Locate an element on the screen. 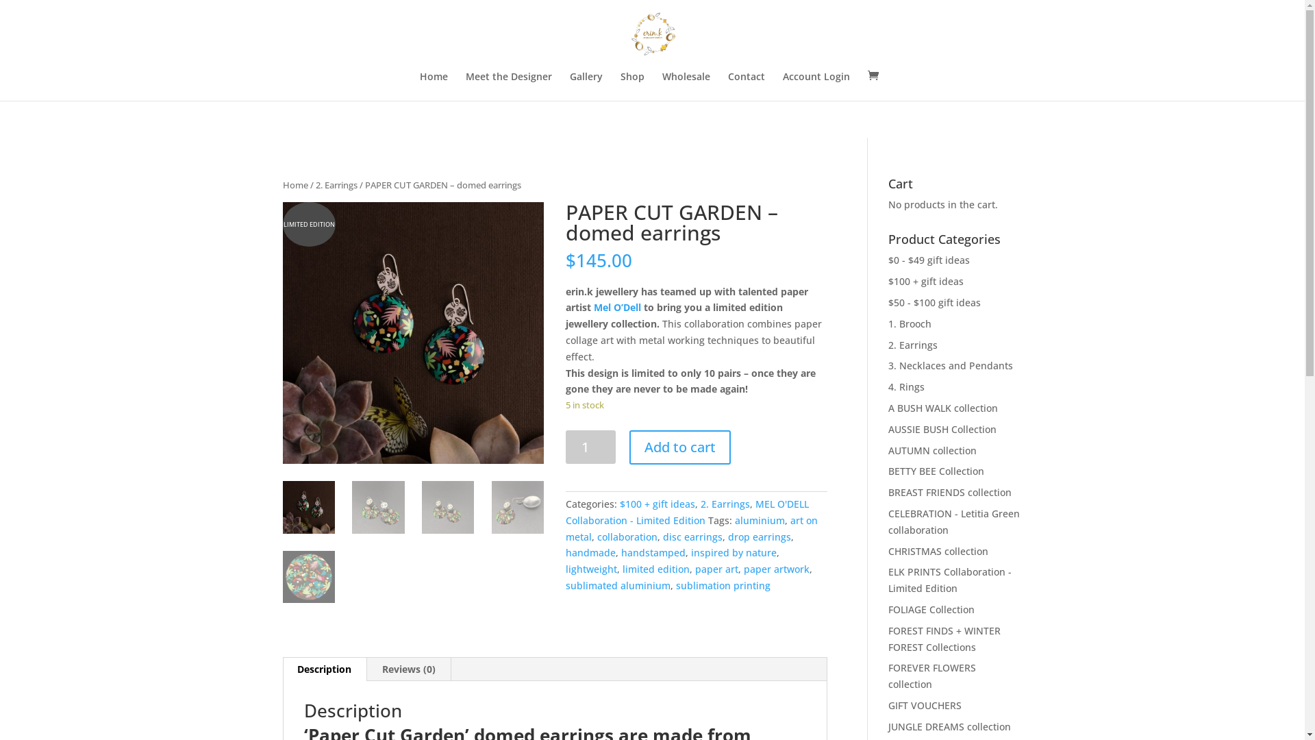 The image size is (1315, 740). '$100 + gift ideas' is located at coordinates (888, 280).